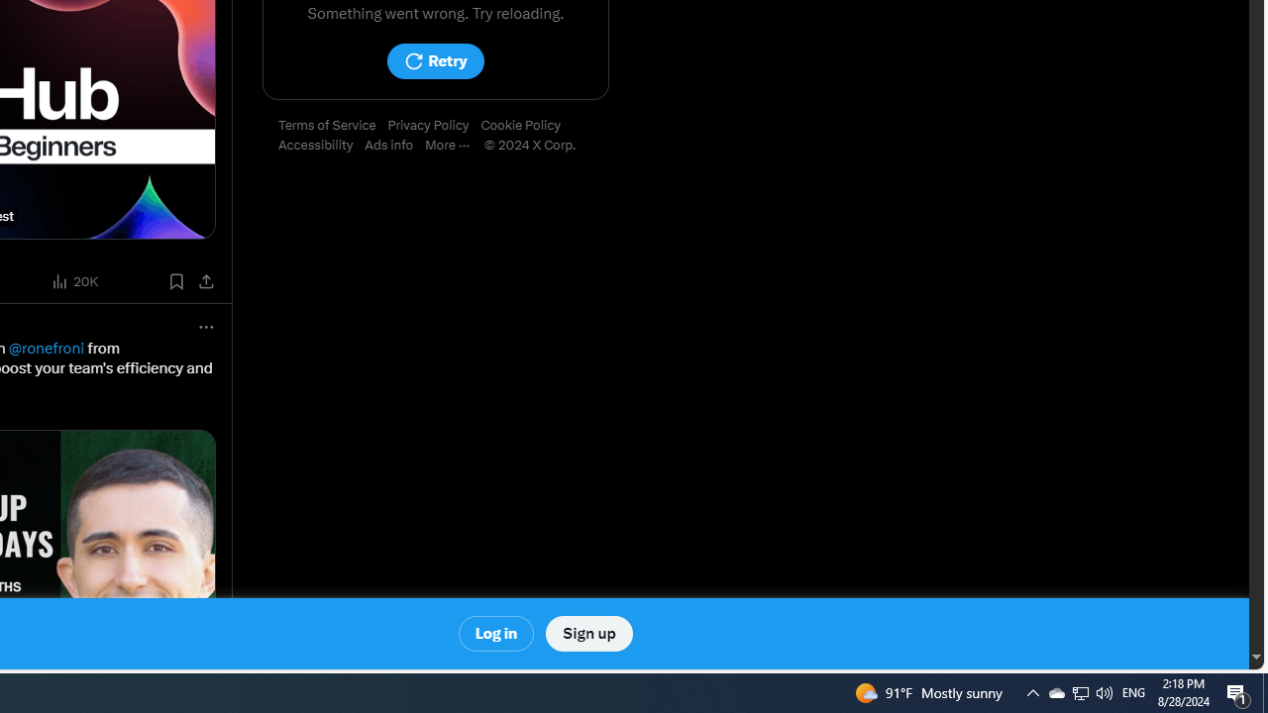 The width and height of the screenshot is (1268, 713). Describe the element at coordinates (453, 145) in the screenshot. I see `'More'` at that location.